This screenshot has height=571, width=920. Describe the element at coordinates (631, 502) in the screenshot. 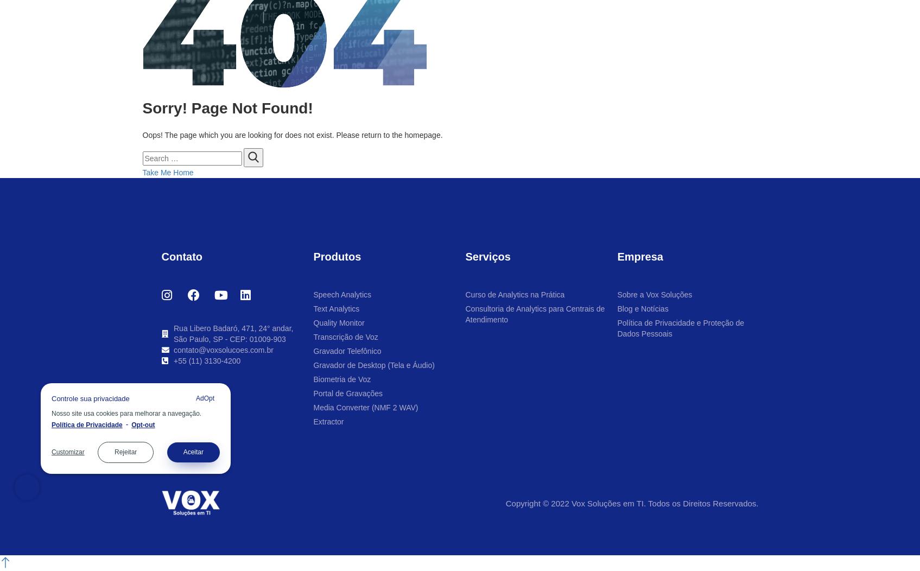

I see `'Copyright © 2022 Vox Soluções em TI. Todos os Direitos Reservados.'` at that location.